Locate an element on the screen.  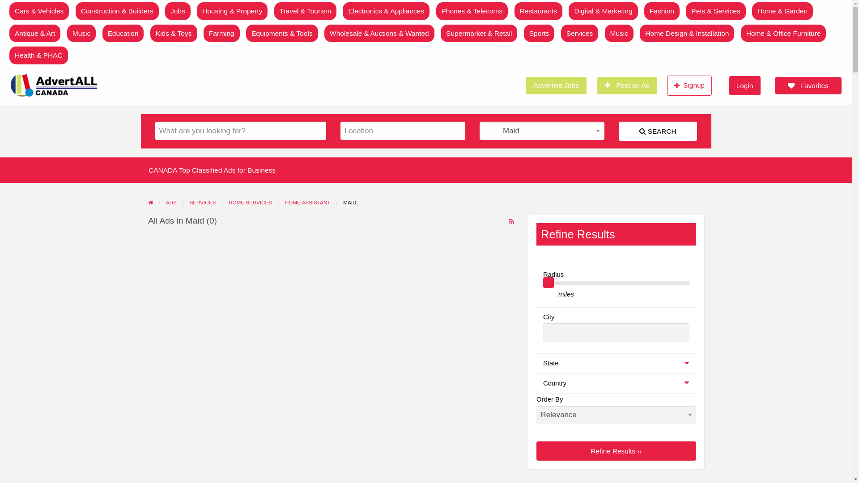
'Home & Garden' is located at coordinates (752, 11).